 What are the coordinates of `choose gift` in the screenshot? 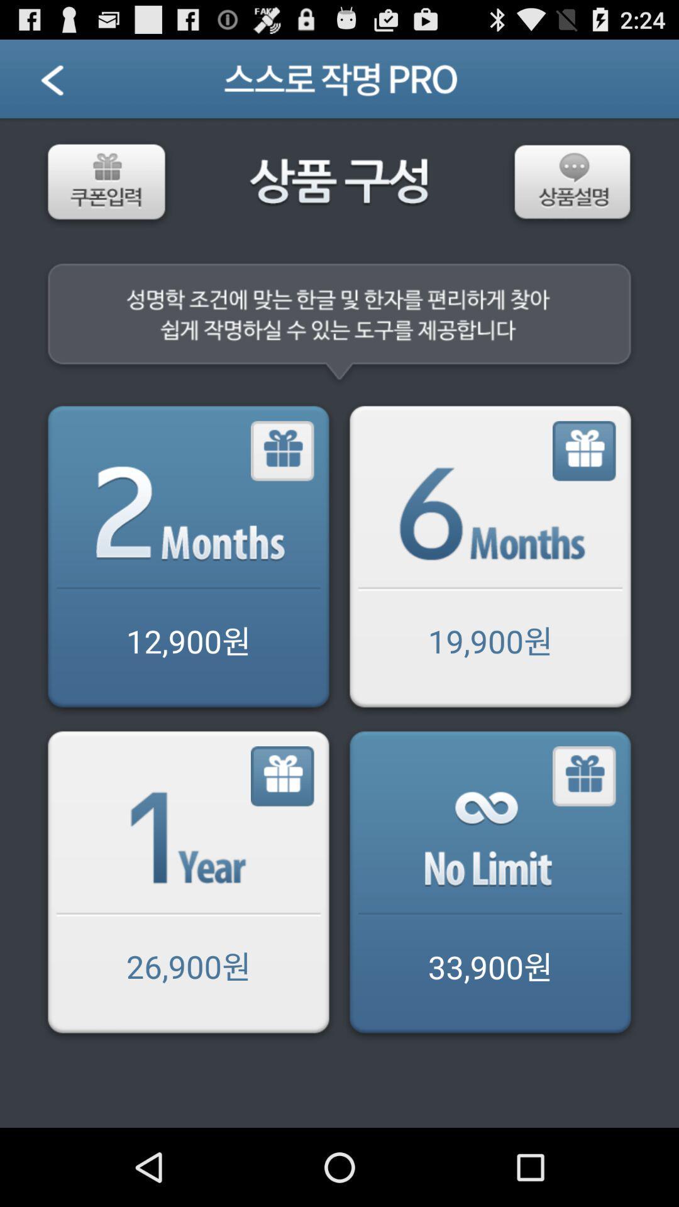 It's located at (584, 451).